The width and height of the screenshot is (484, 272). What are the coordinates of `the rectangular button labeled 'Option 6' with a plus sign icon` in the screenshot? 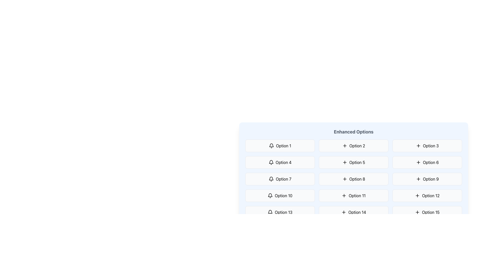 It's located at (427, 162).